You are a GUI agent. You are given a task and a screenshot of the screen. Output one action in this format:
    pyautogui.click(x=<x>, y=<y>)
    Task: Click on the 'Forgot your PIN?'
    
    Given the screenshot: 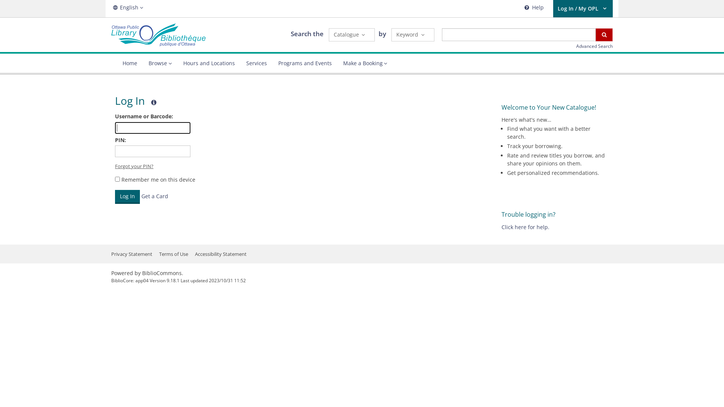 What is the action you would take?
    pyautogui.click(x=134, y=165)
    